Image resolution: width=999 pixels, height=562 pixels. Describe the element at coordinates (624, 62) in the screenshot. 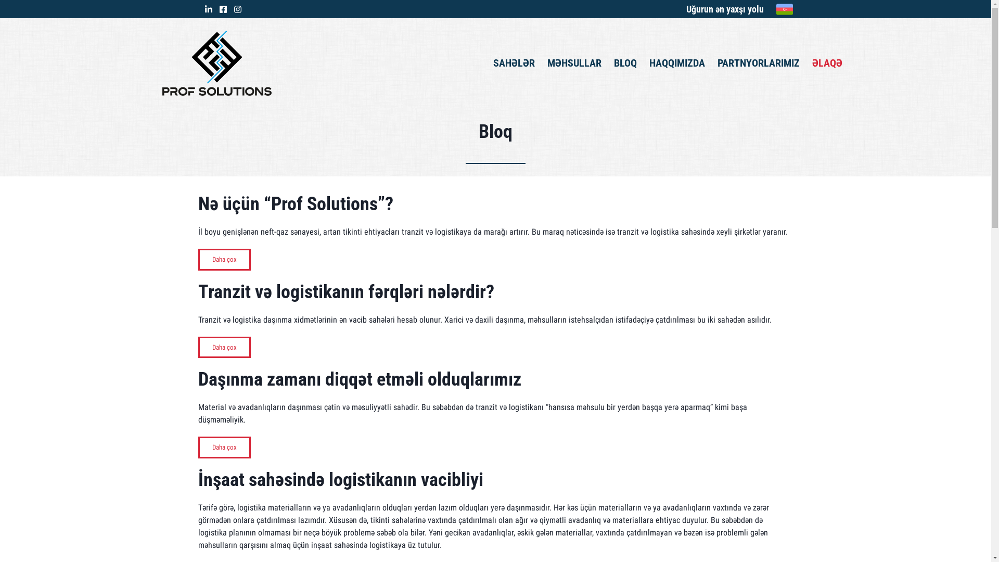

I see `'BLOQ'` at that location.